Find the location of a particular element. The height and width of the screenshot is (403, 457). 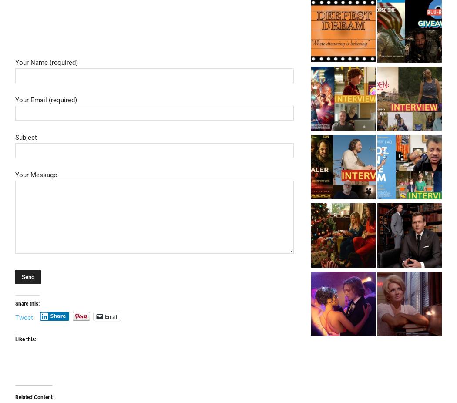

'Tweet' is located at coordinates (24, 317).